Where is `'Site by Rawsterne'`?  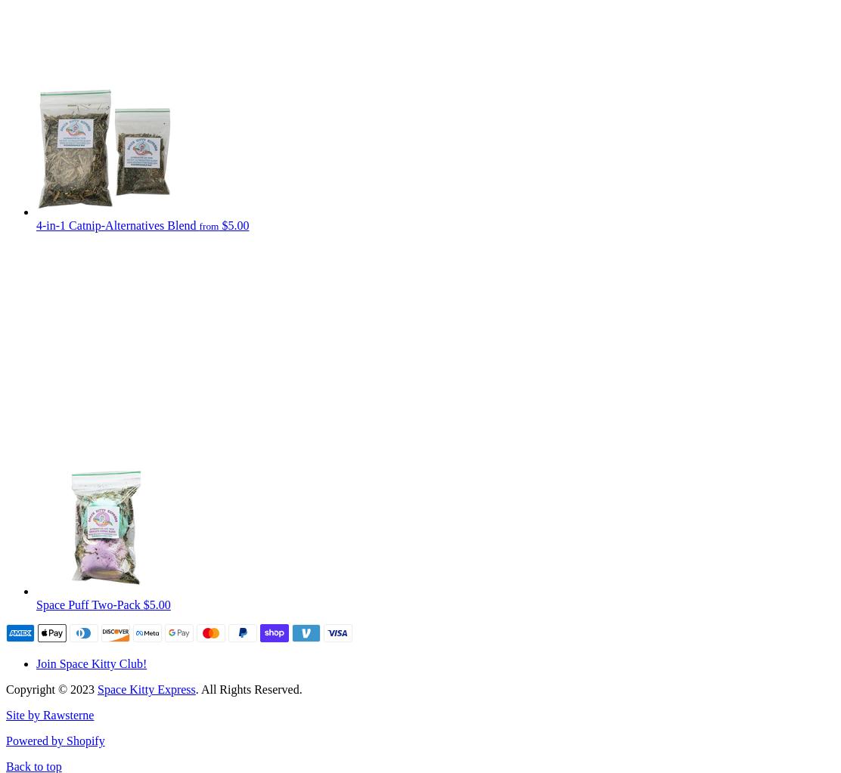
'Site by Rawsterne' is located at coordinates (6, 715).